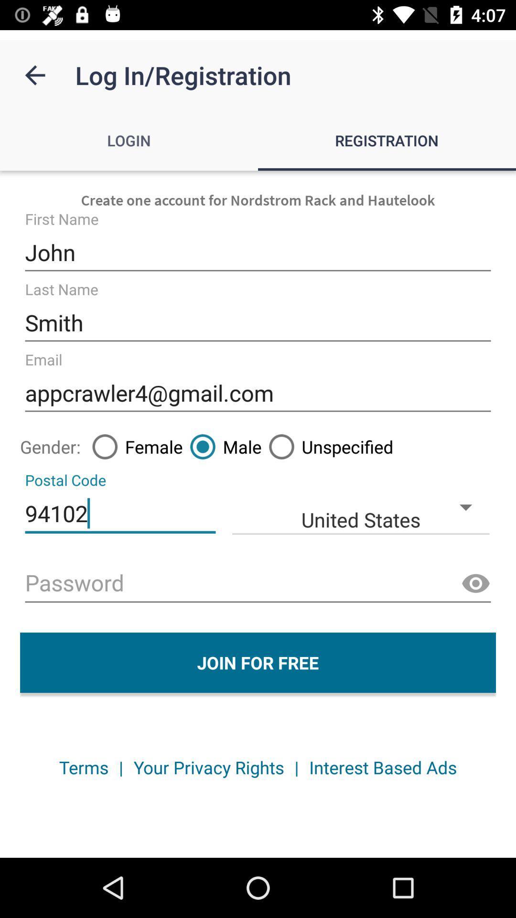 This screenshot has height=918, width=516. I want to click on password, so click(475, 583).